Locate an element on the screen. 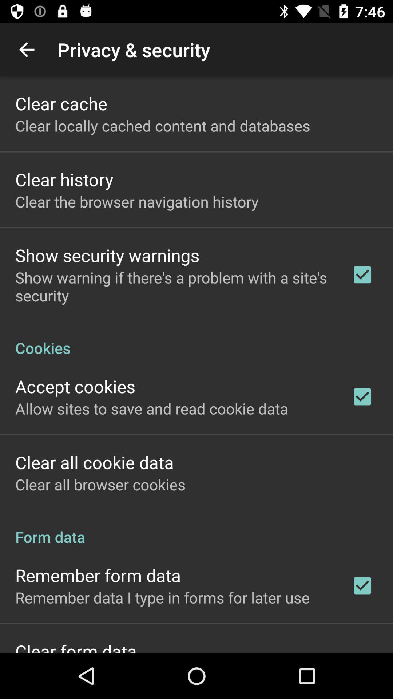  show warning if is located at coordinates (174, 286).